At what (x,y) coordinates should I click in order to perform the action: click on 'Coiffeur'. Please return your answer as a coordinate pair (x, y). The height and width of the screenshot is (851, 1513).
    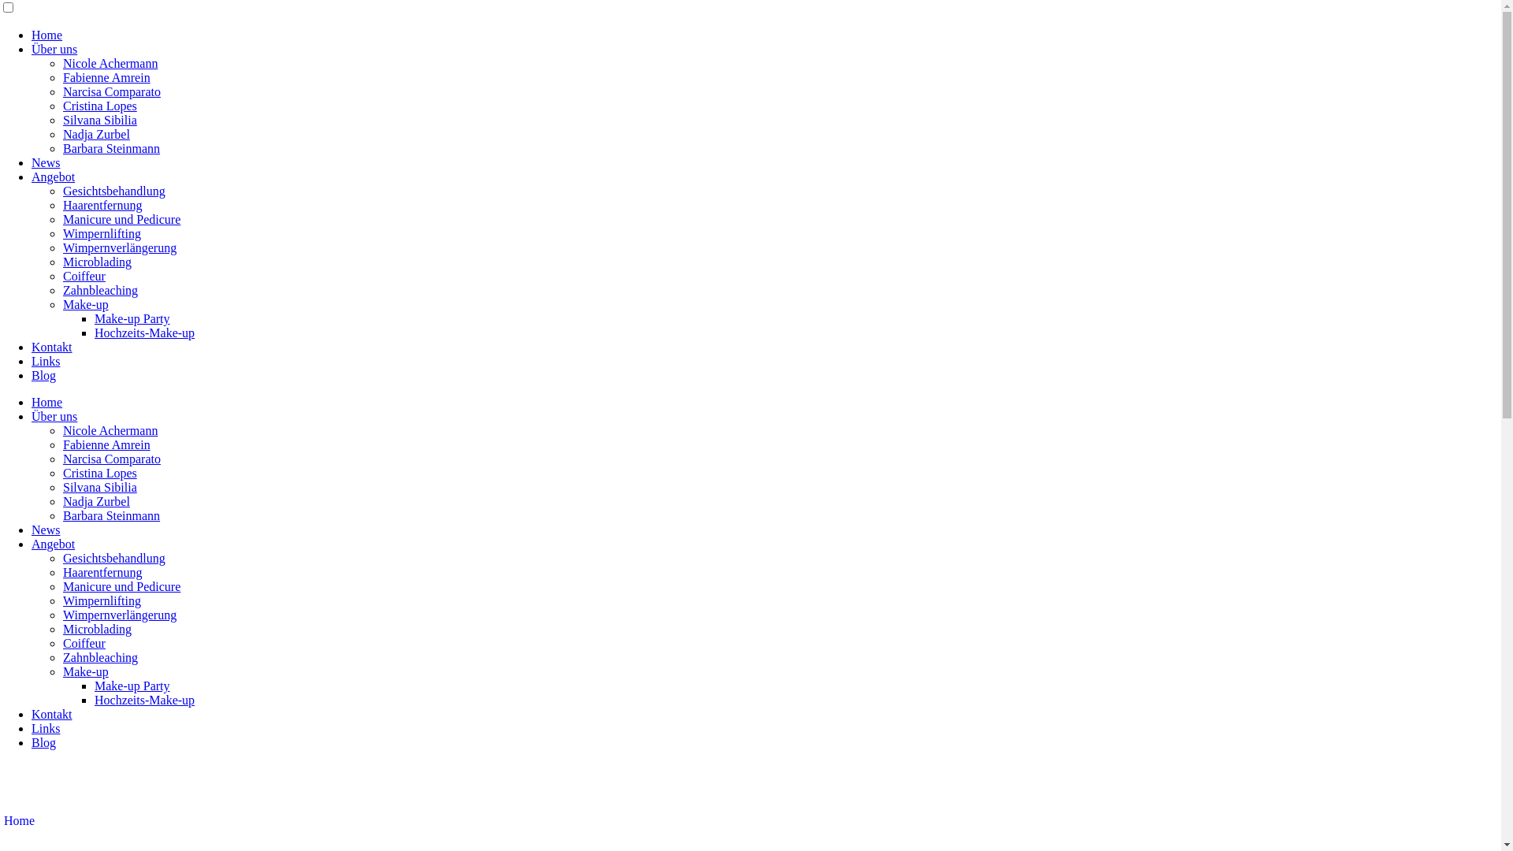
    Looking at the image, I should click on (83, 275).